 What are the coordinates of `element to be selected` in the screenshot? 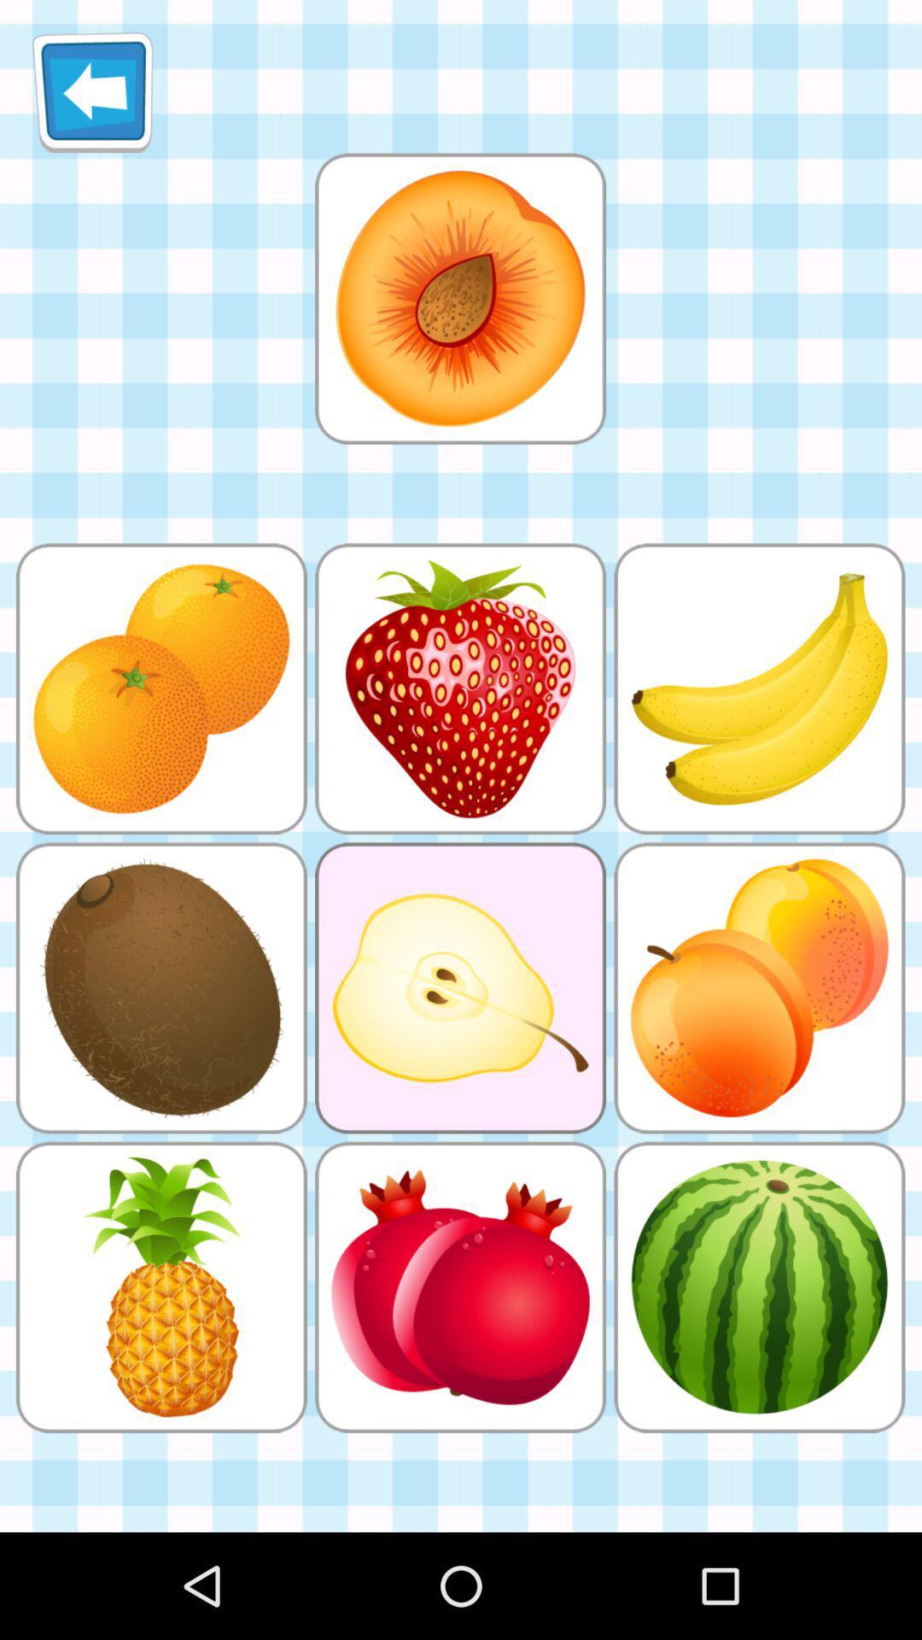 It's located at (459, 298).